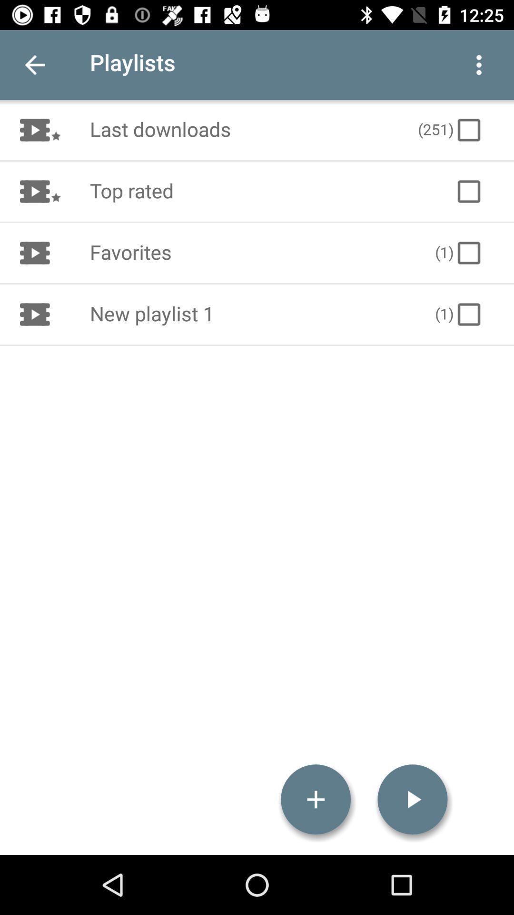  Describe the element at coordinates (468, 191) in the screenshot. I see `the icon to the right of the top rated item` at that location.